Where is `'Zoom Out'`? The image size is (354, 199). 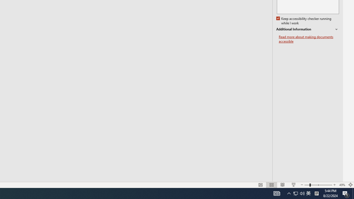
'Zoom Out' is located at coordinates (306, 185).